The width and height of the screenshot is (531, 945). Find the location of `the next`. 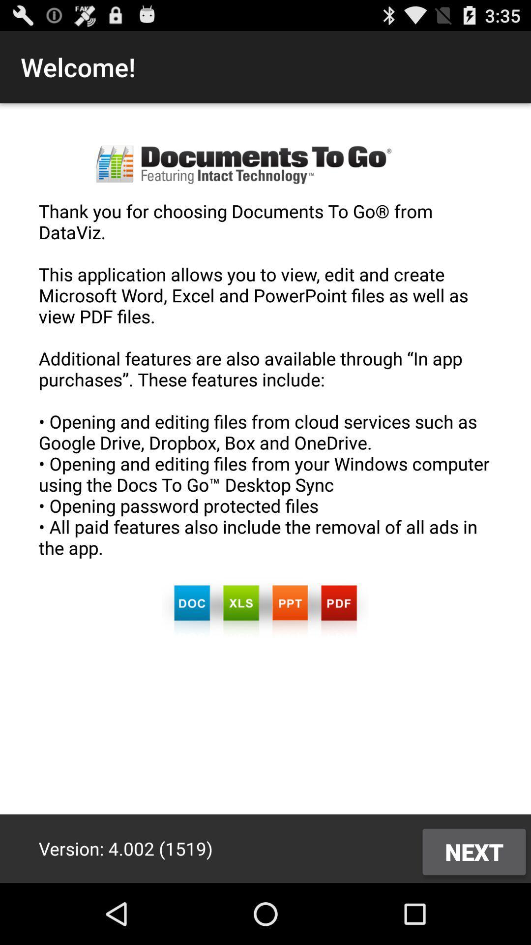

the next is located at coordinates (473, 851).